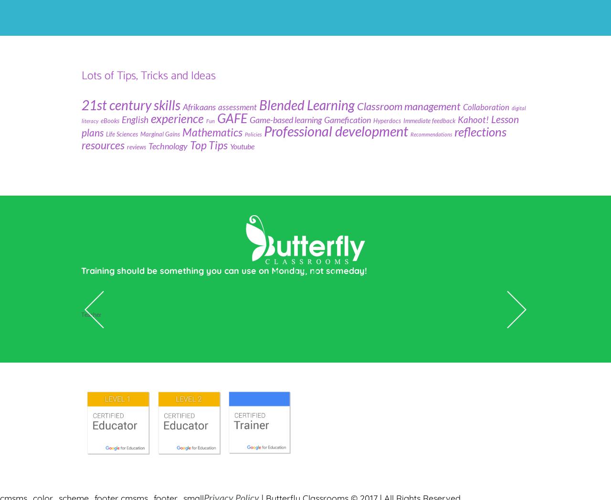  I want to click on 'resources', so click(103, 144).